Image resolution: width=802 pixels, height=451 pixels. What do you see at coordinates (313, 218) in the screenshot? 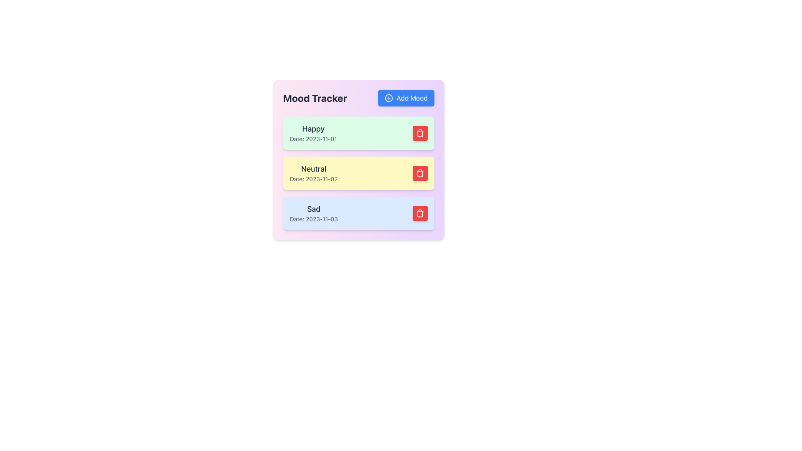
I see `the text label displaying 'Date: 2023-11-03', which is styled in a small gray font and located under the label 'Sad' within a blue rectangular section of mood entries` at bounding box center [313, 218].